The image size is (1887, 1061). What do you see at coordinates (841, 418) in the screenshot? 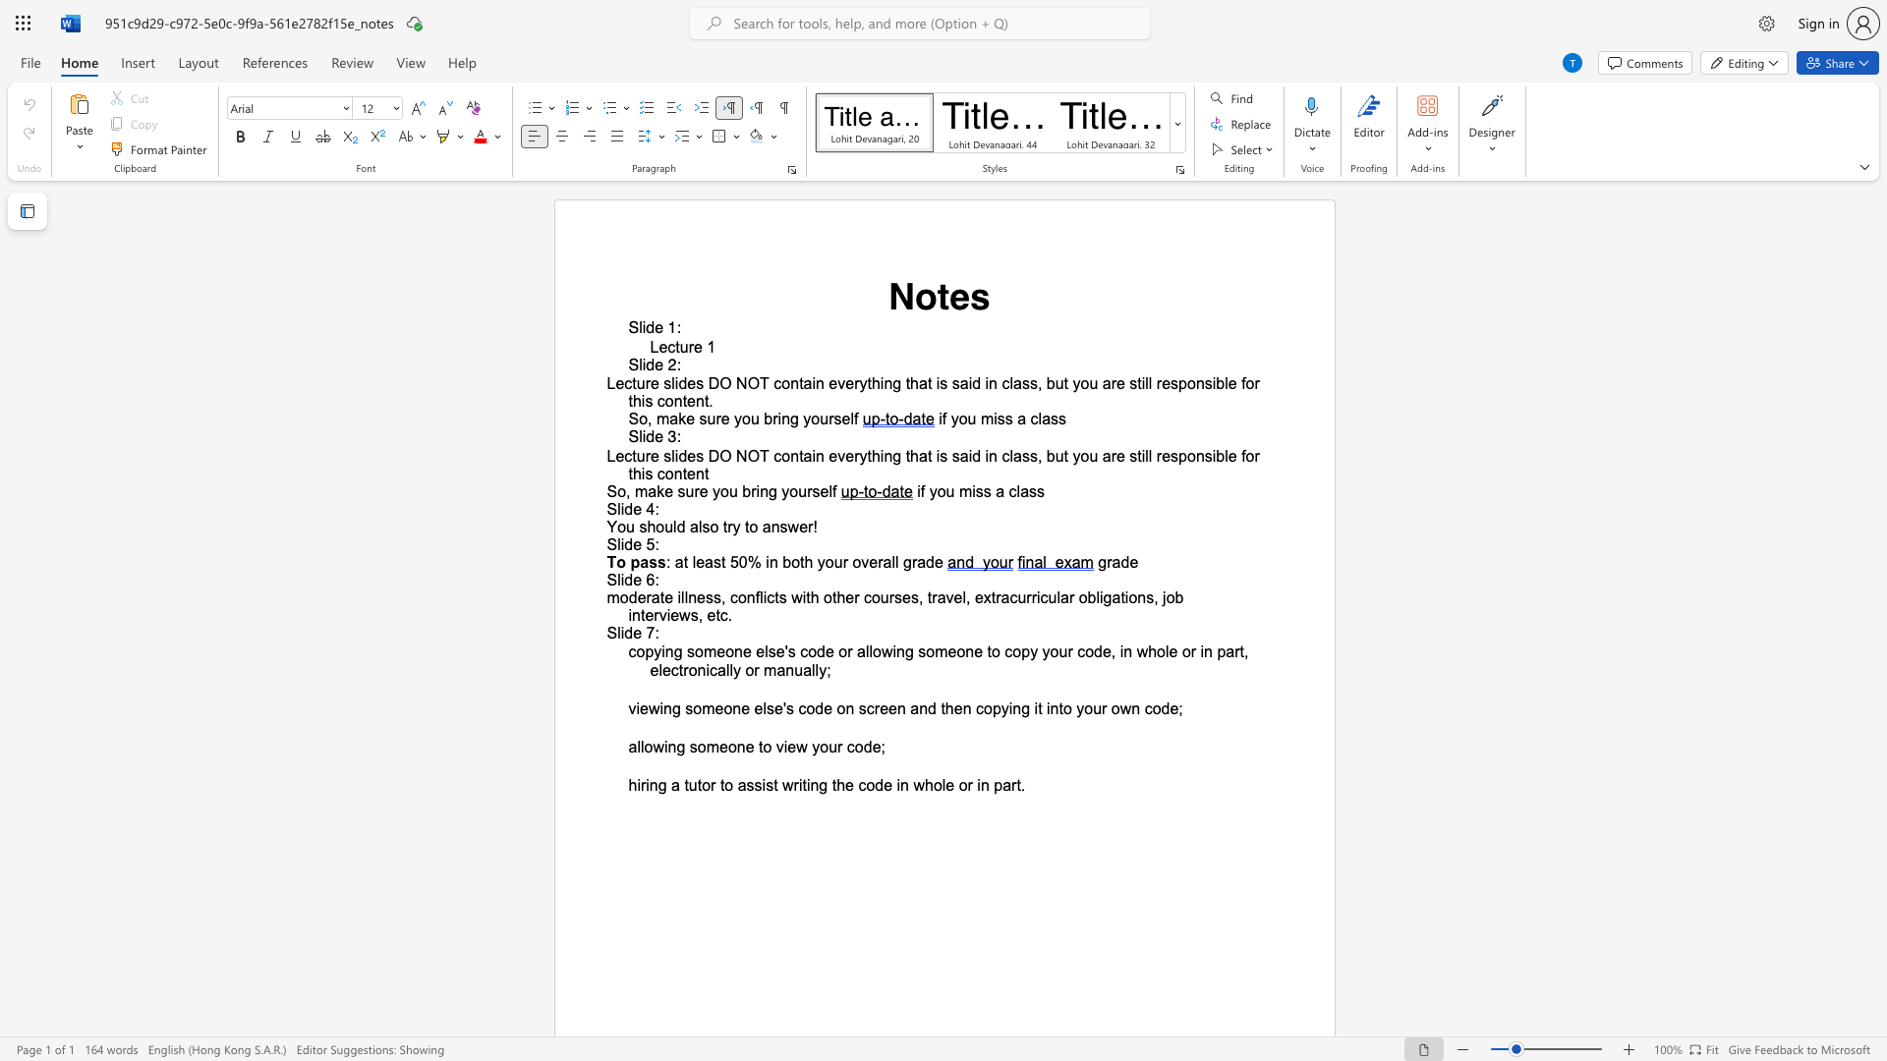
I see `the space between the continuous character "s" and "e" in the text` at bounding box center [841, 418].